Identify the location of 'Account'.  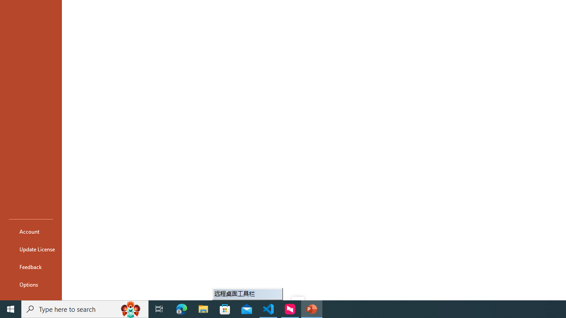
(31, 231).